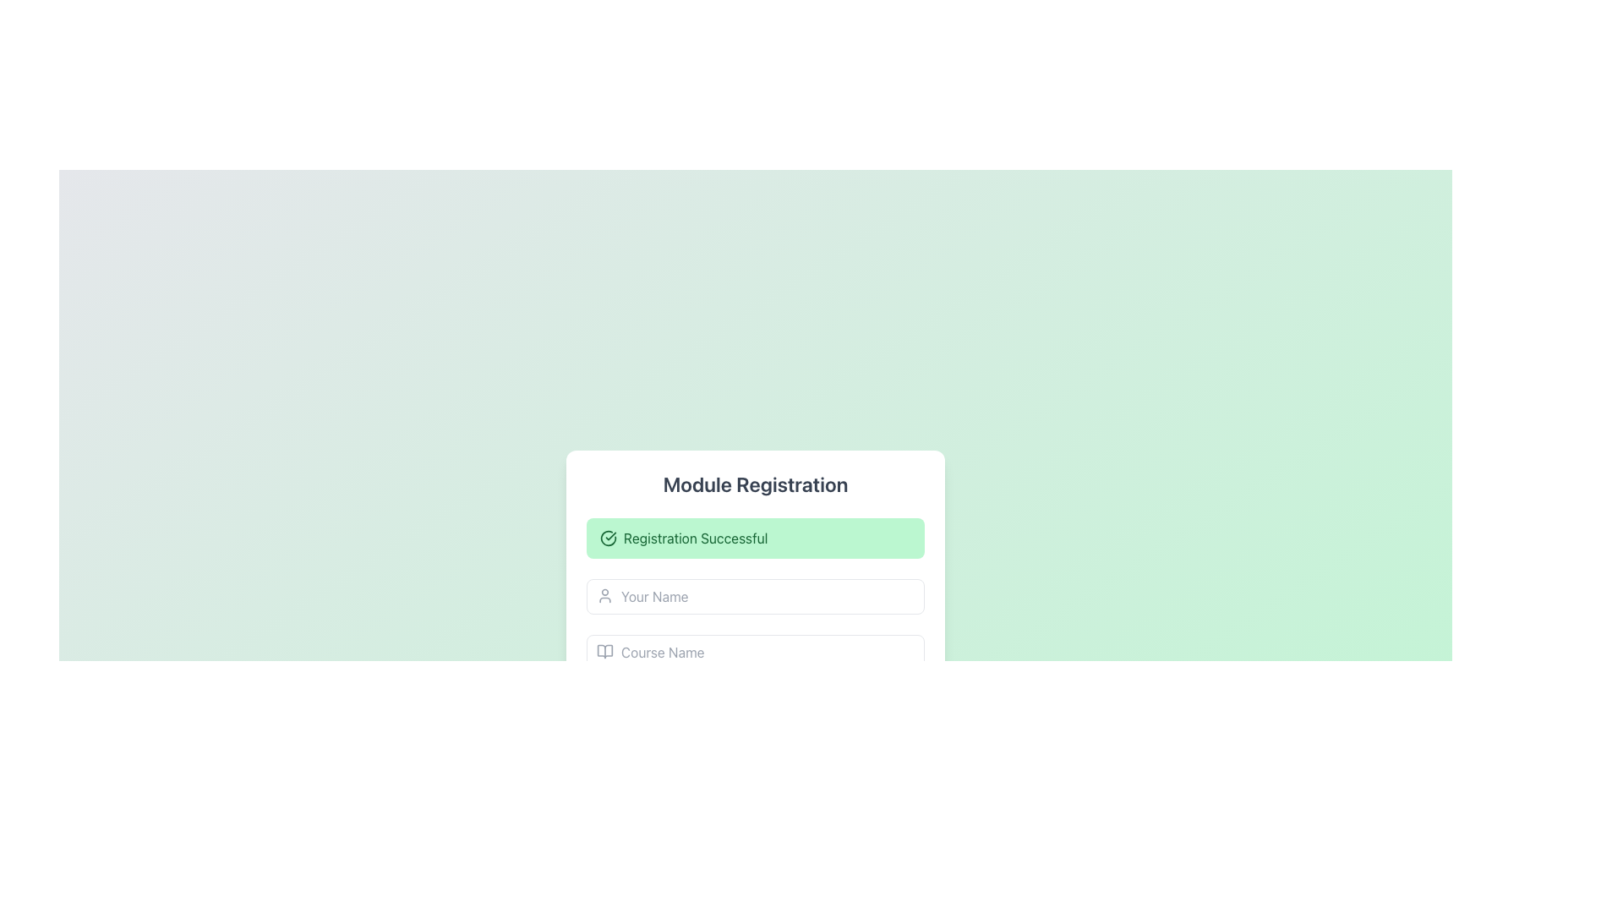  I want to click on the open book icon located within the 'Course Name' input field, positioned at the left-most part of the box, so click(604, 651).